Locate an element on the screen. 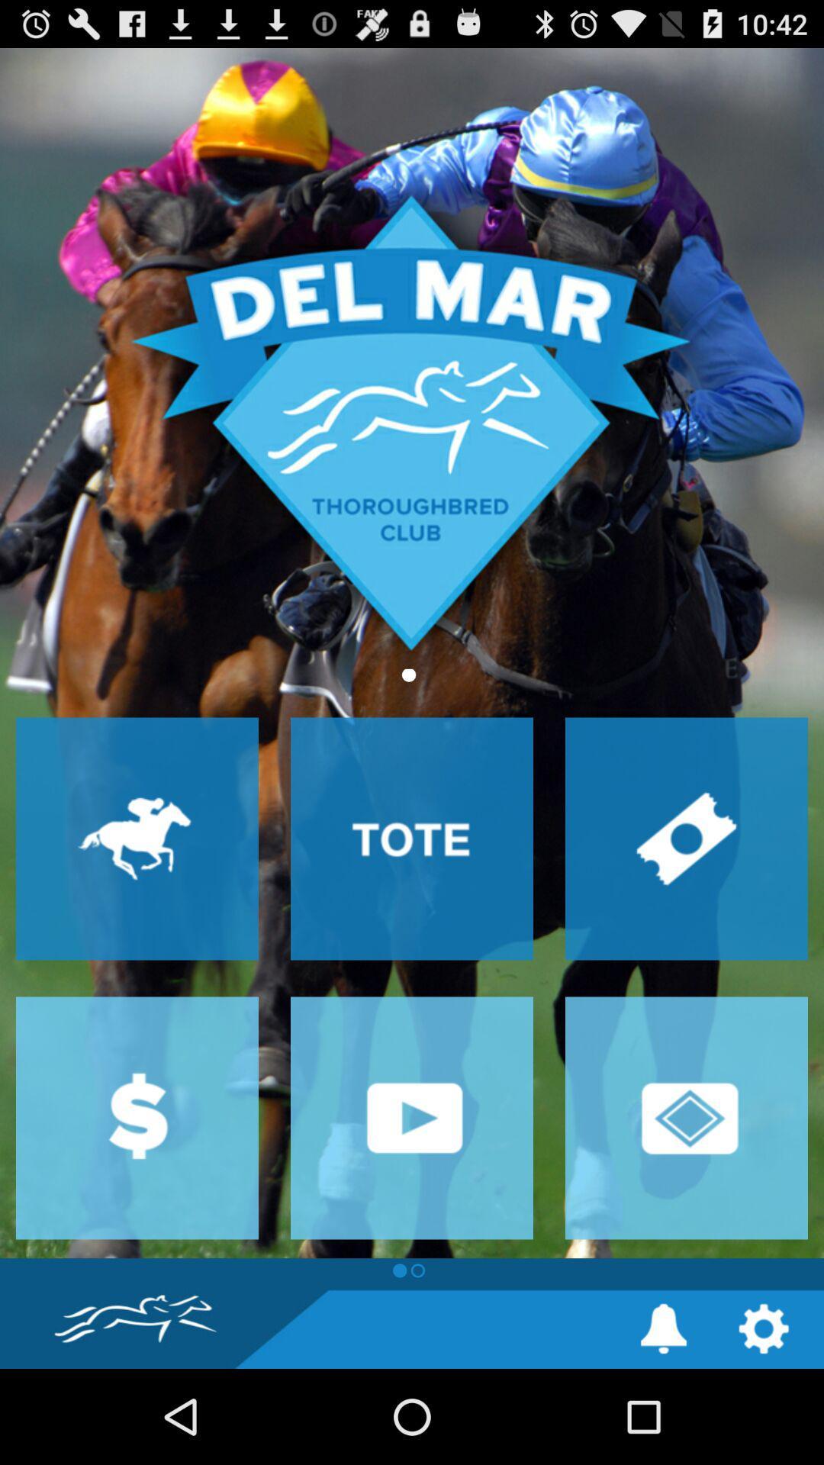 This screenshot has width=824, height=1465. notifications is located at coordinates (663, 1328).